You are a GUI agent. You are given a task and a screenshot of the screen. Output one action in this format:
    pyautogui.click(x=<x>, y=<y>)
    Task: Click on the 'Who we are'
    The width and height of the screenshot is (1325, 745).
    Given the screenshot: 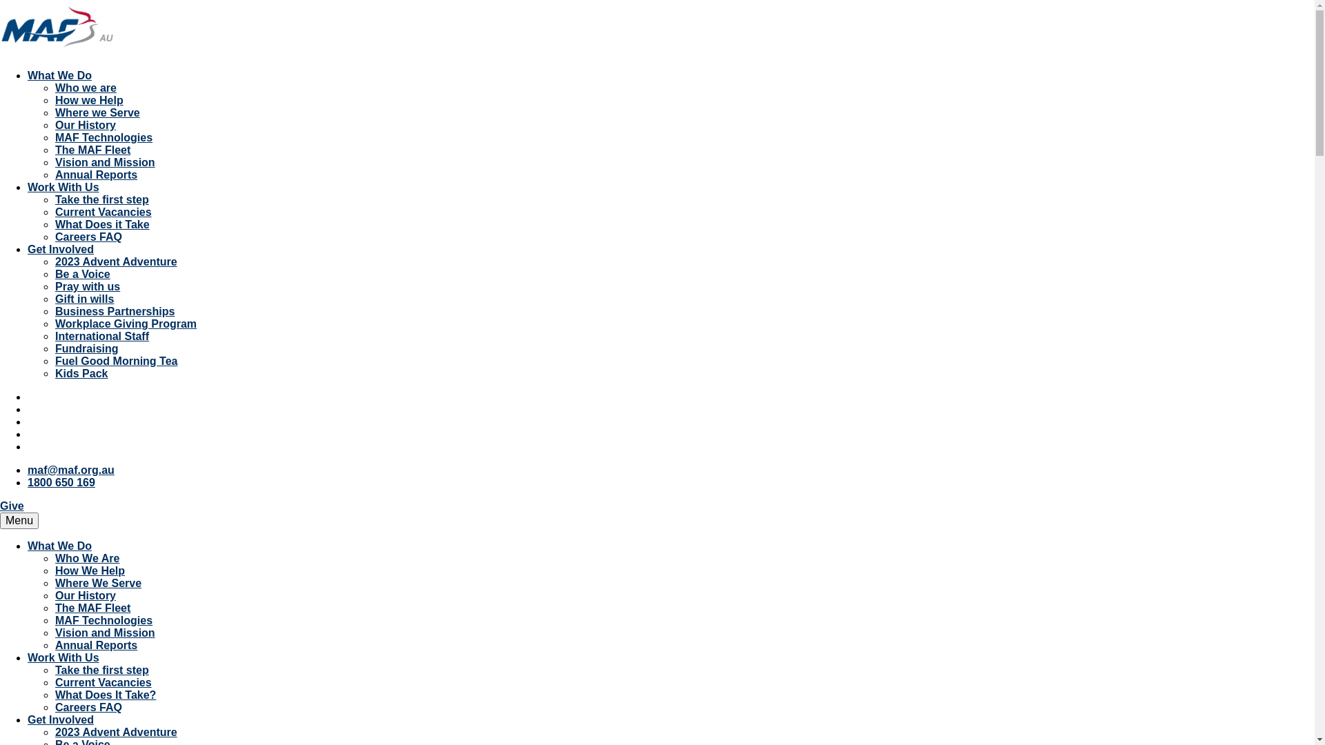 What is the action you would take?
    pyautogui.click(x=85, y=88)
    